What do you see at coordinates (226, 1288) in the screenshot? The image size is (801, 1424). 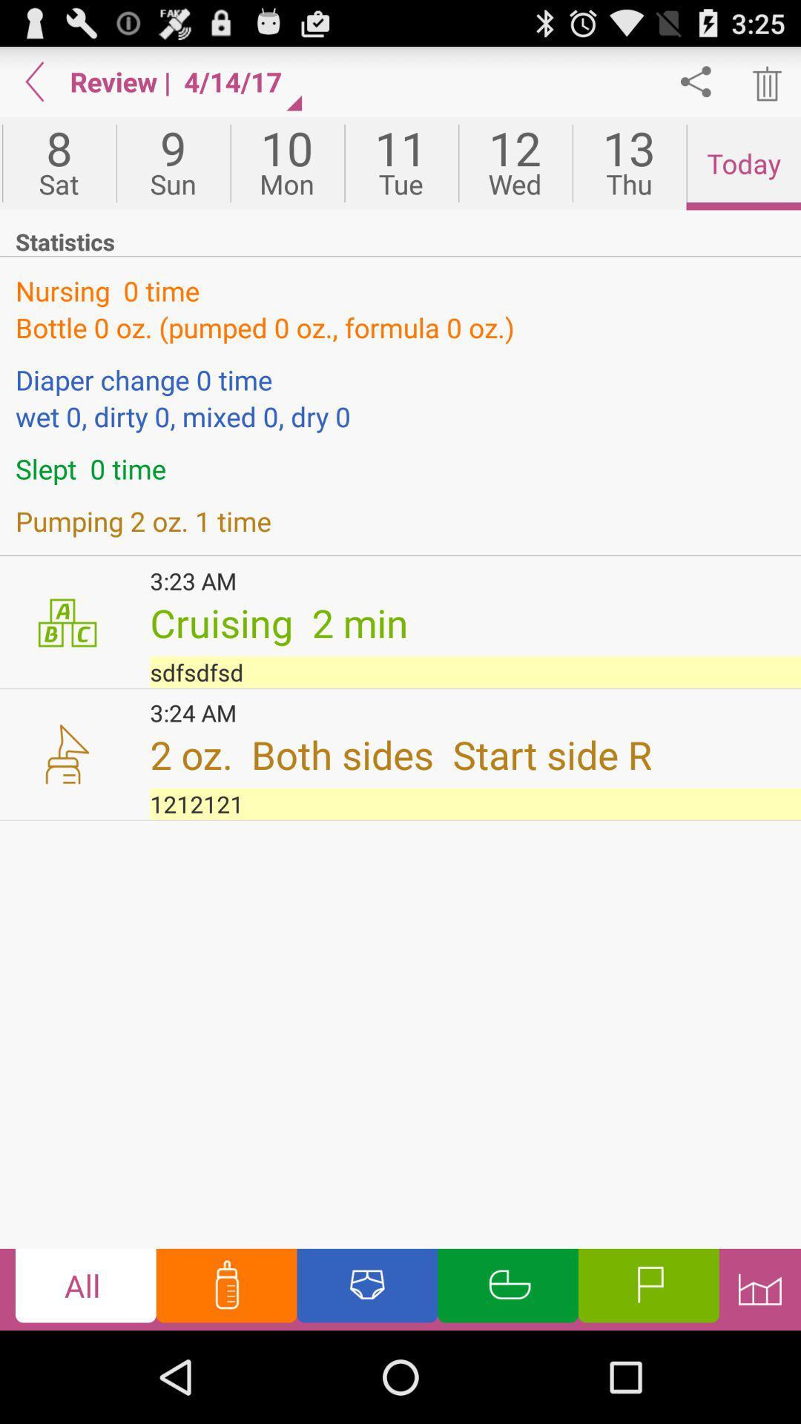 I see `information about the formula` at bounding box center [226, 1288].